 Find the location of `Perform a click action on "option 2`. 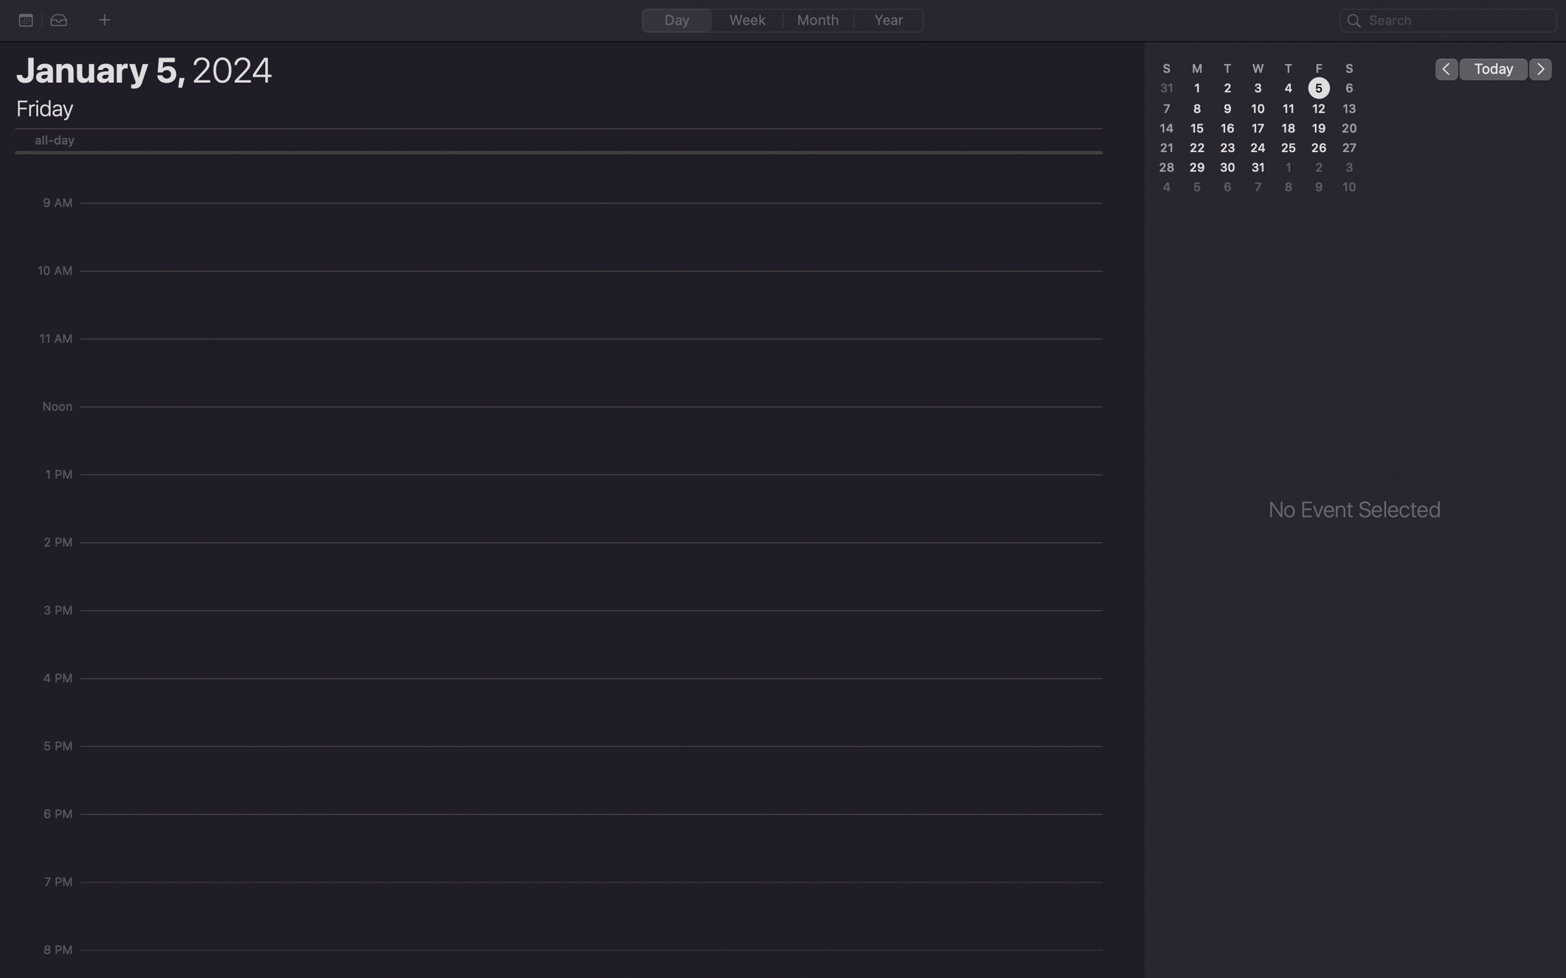

Perform a click action on "option 2 is located at coordinates (59, 21).